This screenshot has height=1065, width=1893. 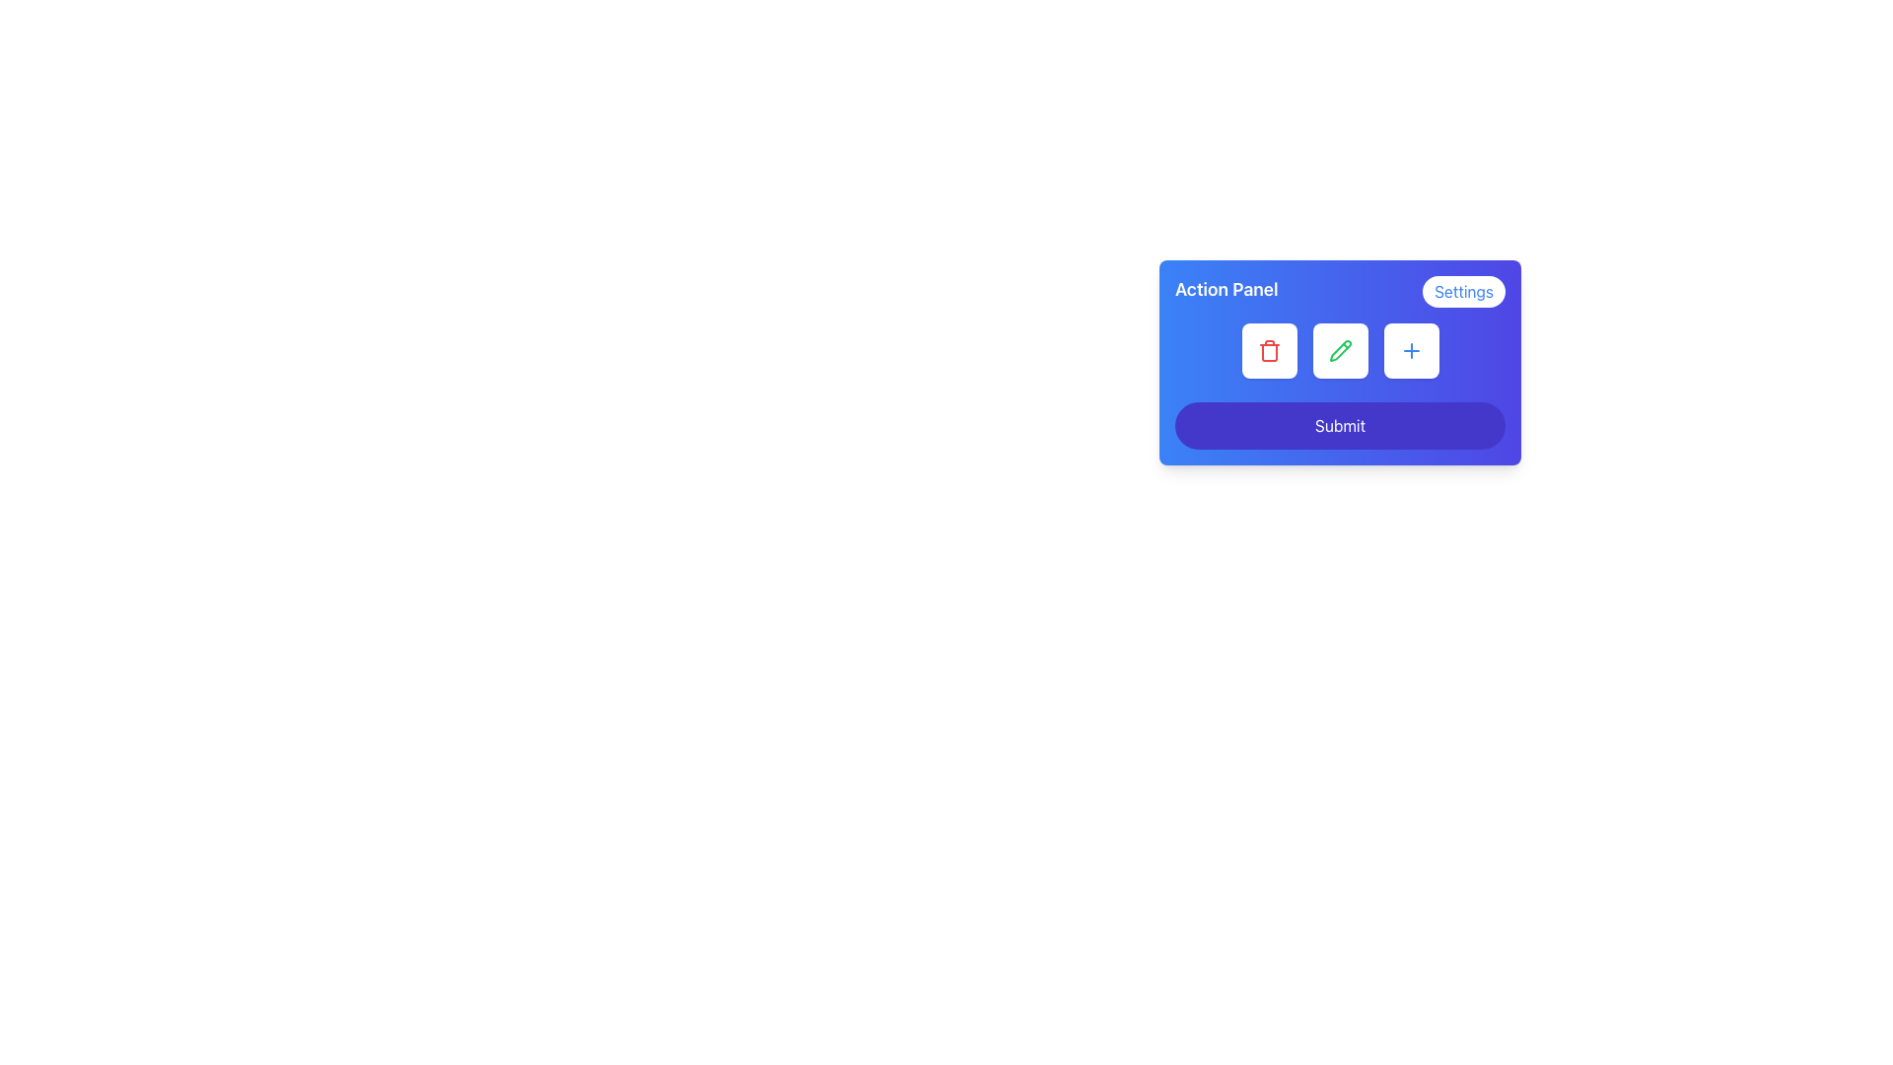 I want to click on the green pencil icon button in the Action Panel, so click(x=1340, y=349).